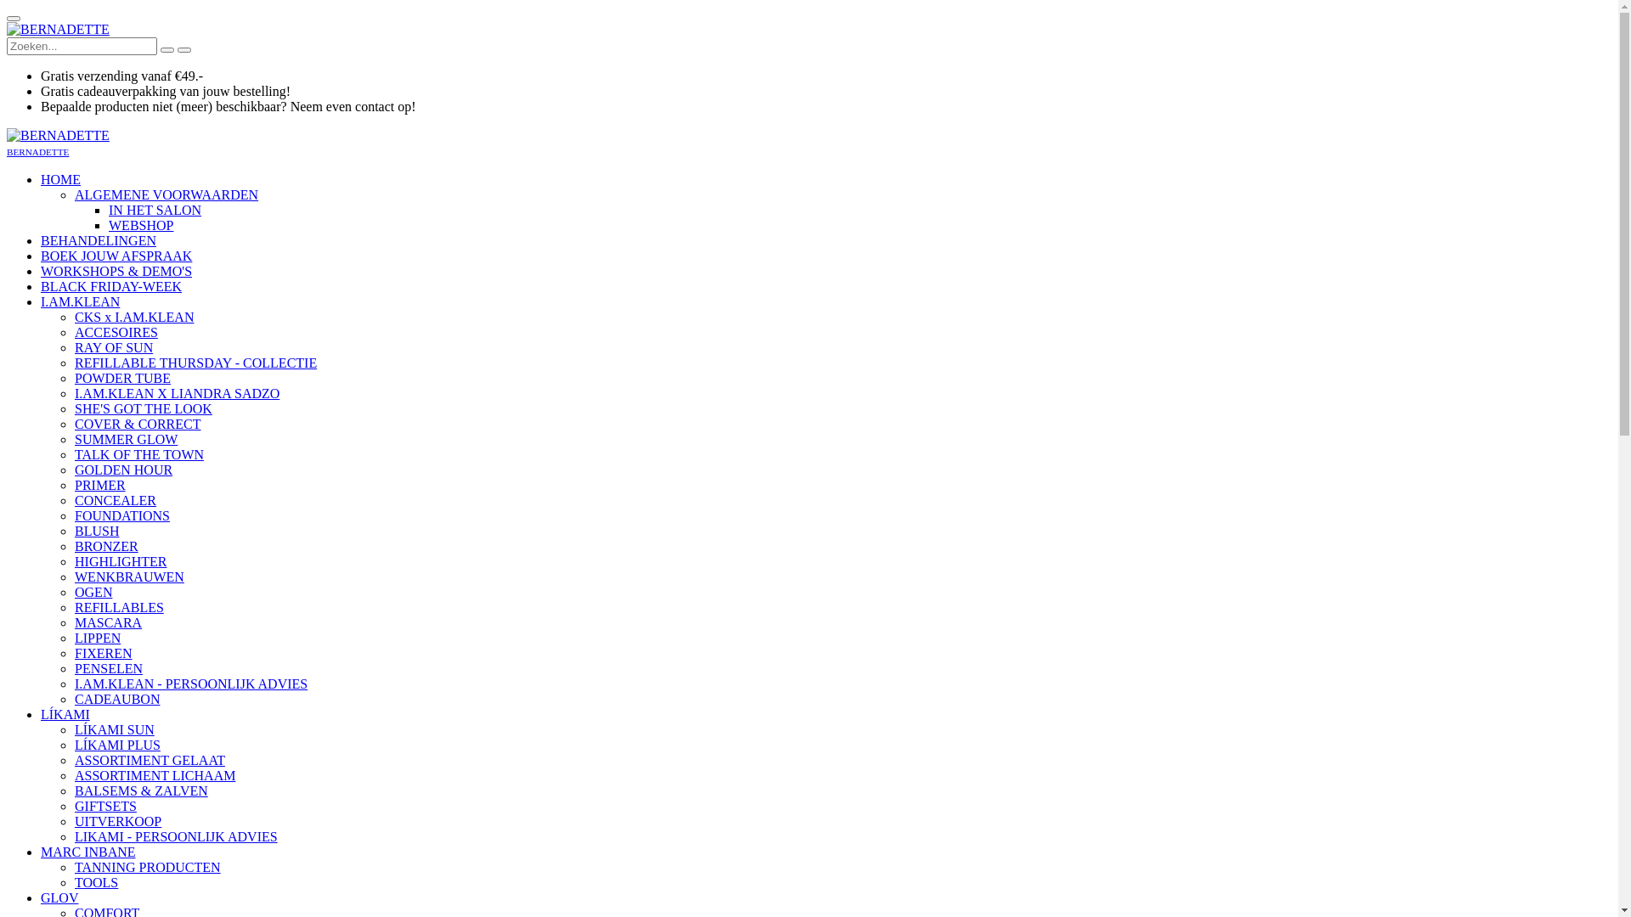  I want to click on 'MASCARA', so click(107, 622).